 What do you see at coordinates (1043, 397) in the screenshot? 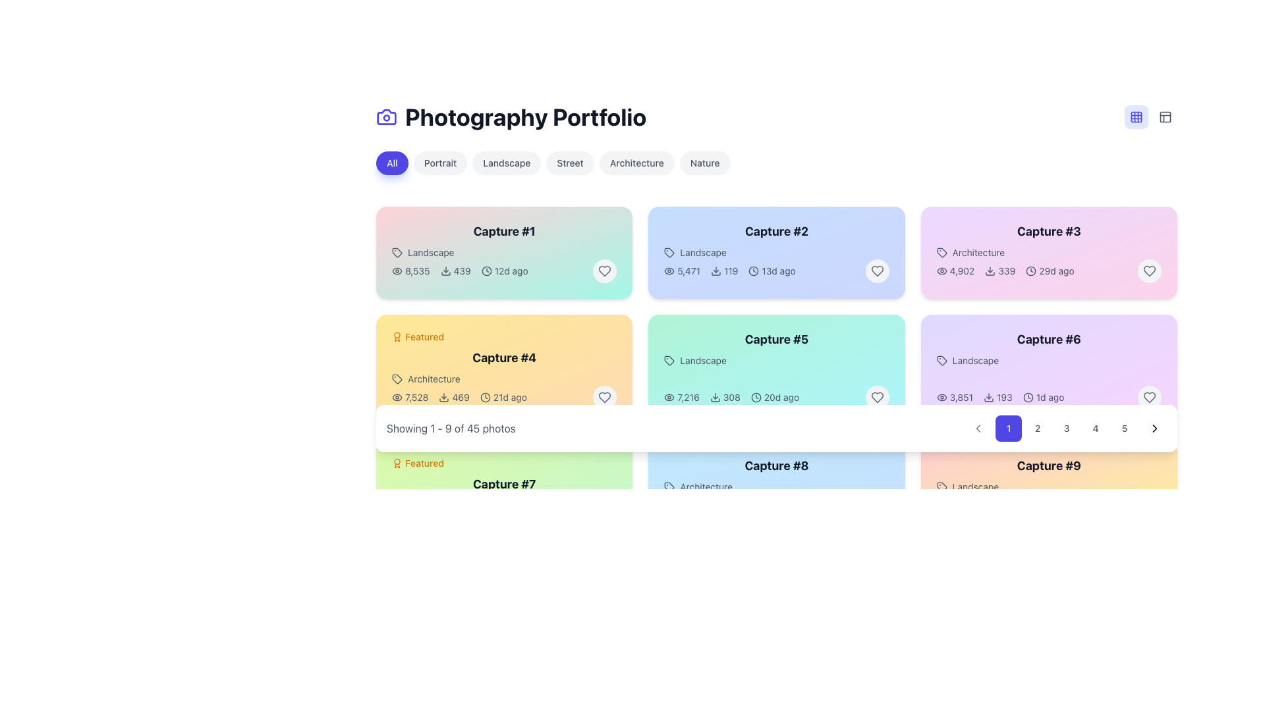
I see `text content from the Text Label with Icon located in the bottom-right section of the 'Capture #6' card, which indicates the time elapsed since the content's creation or last update` at bounding box center [1043, 397].